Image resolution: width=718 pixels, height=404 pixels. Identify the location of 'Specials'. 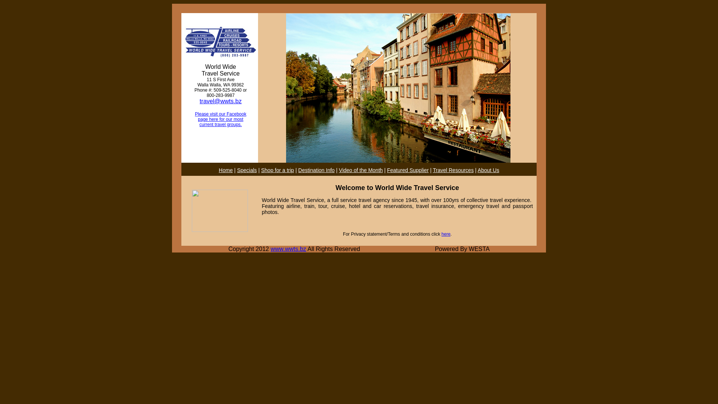
(247, 170).